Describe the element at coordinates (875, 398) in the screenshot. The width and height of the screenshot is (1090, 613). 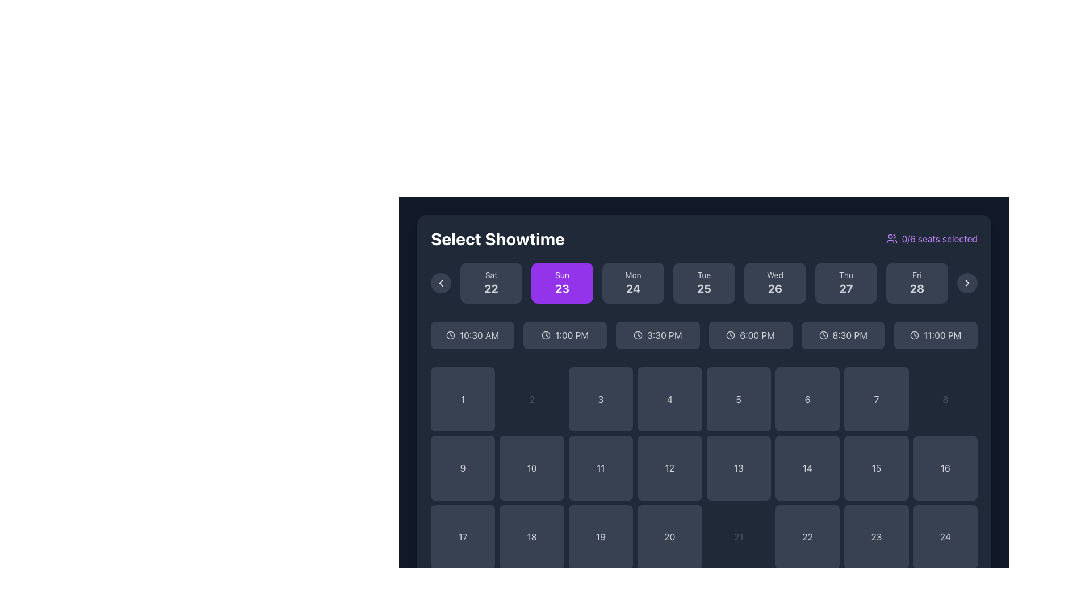
I see `the button that selects the number '7', located in the first row as the seventh item in the grid layout` at that location.